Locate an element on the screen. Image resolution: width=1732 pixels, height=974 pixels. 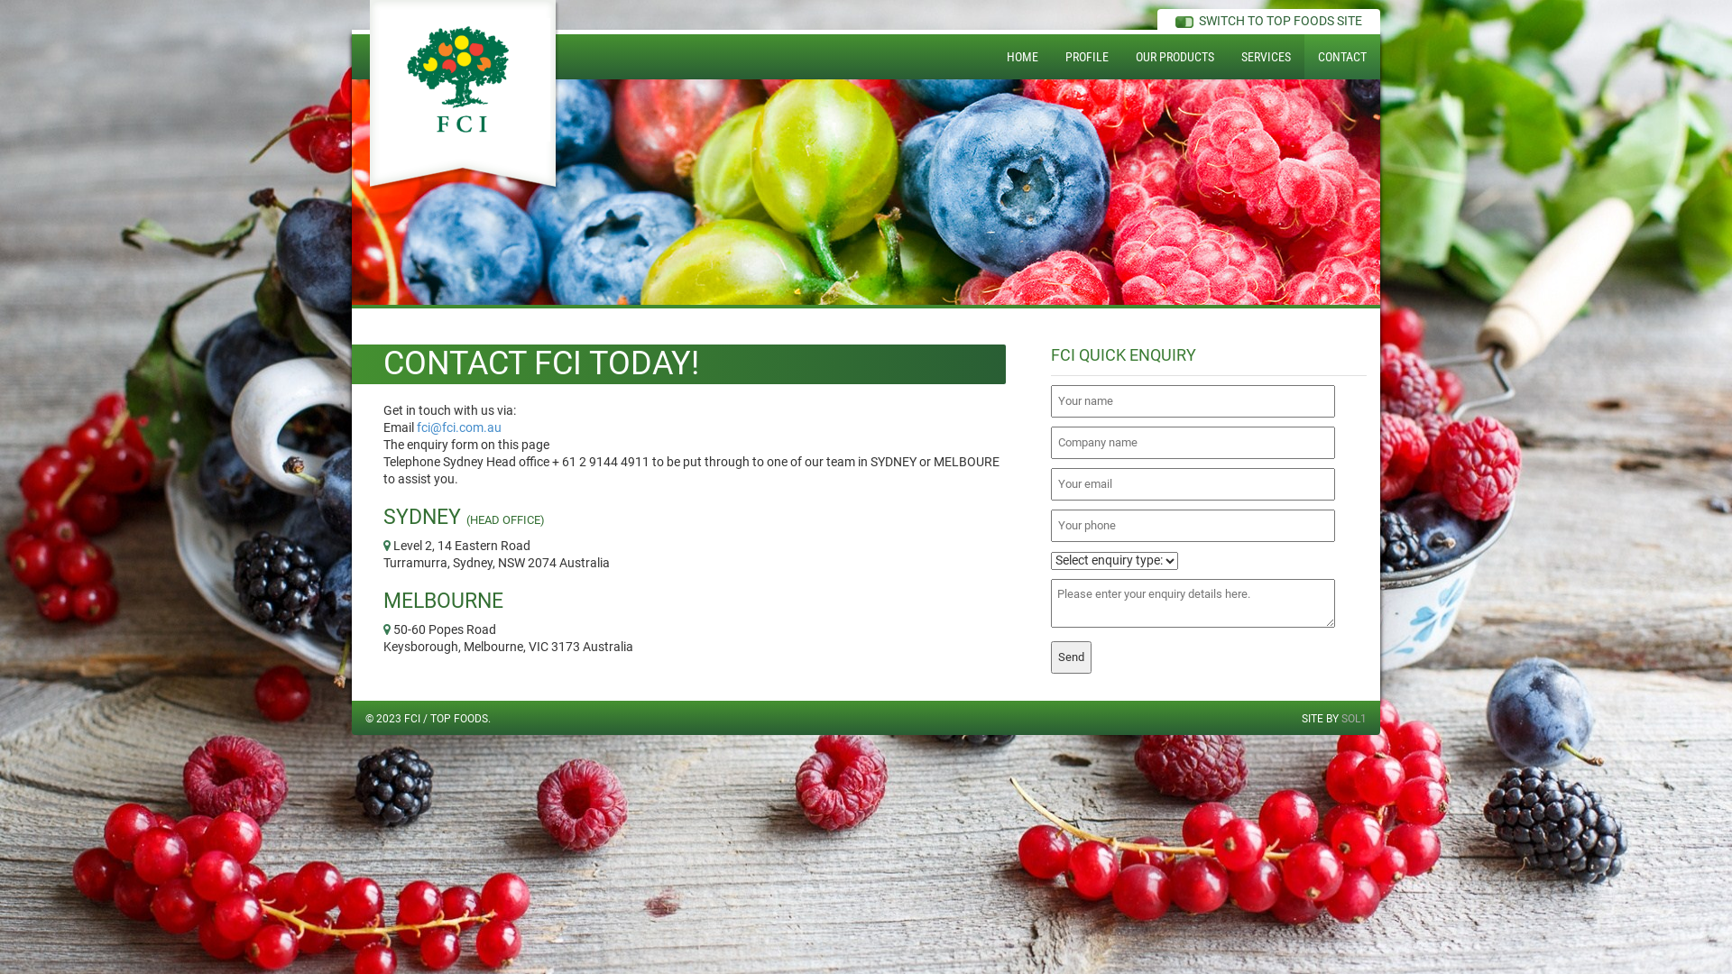
'SERVICES' is located at coordinates (1227, 55).